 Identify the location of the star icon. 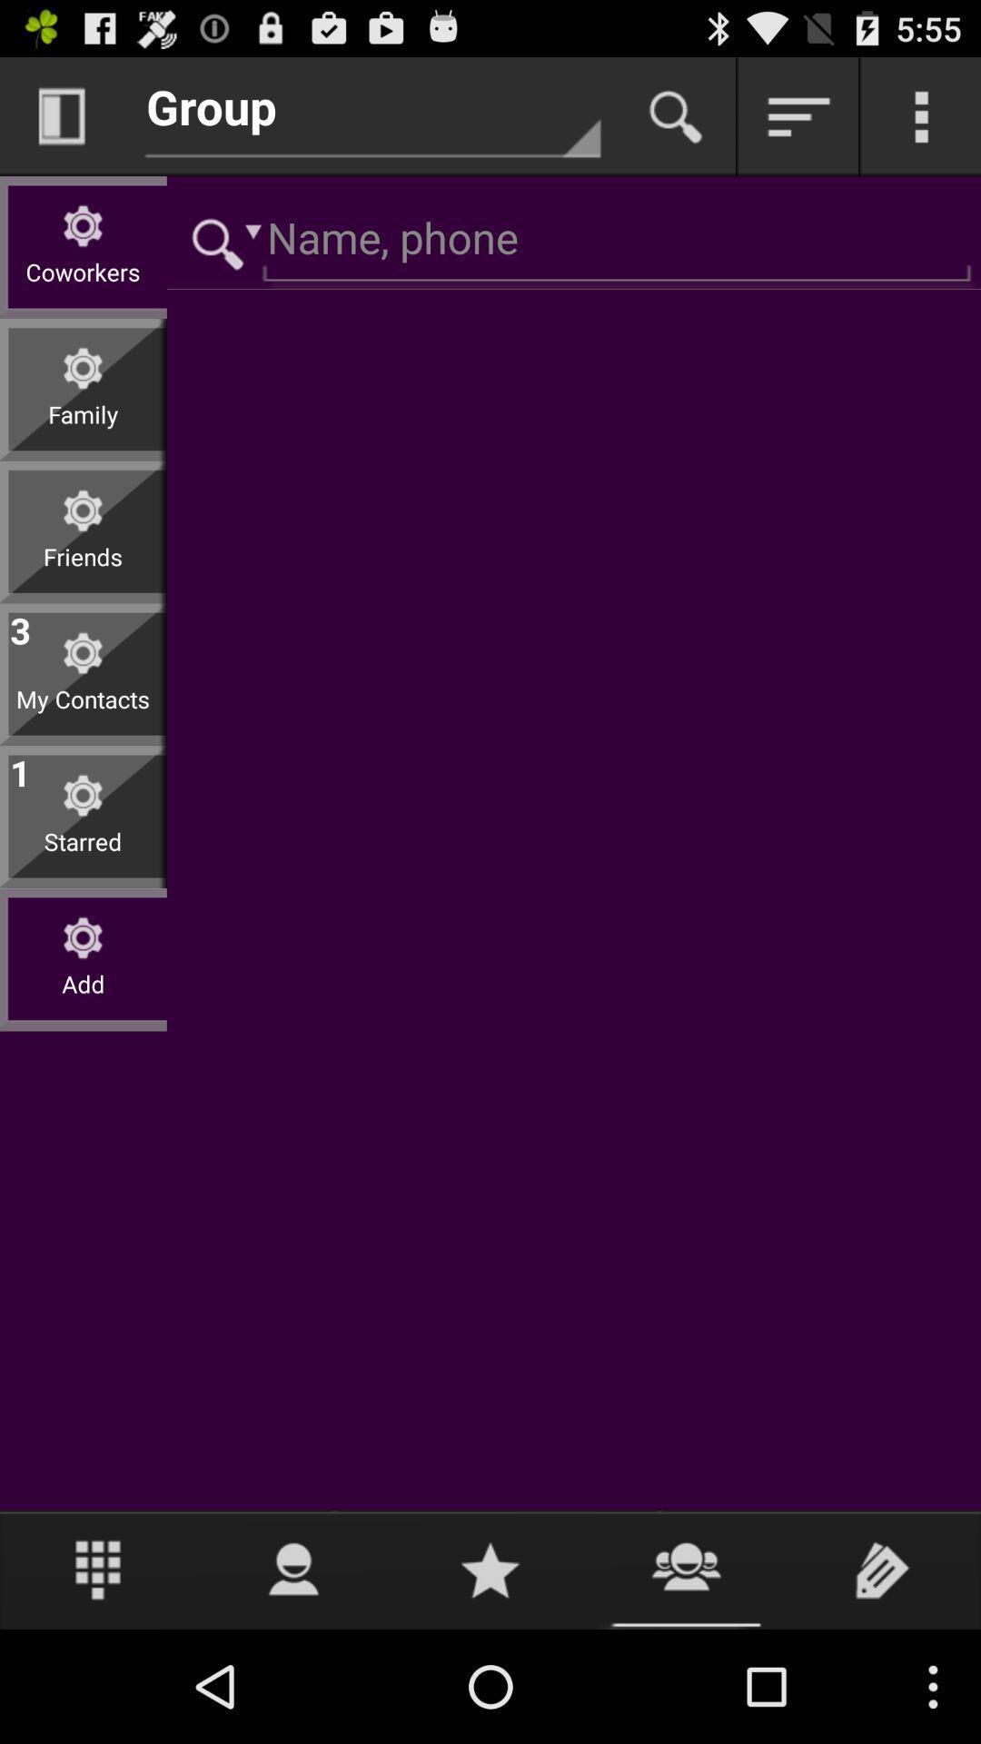
(490, 1679).